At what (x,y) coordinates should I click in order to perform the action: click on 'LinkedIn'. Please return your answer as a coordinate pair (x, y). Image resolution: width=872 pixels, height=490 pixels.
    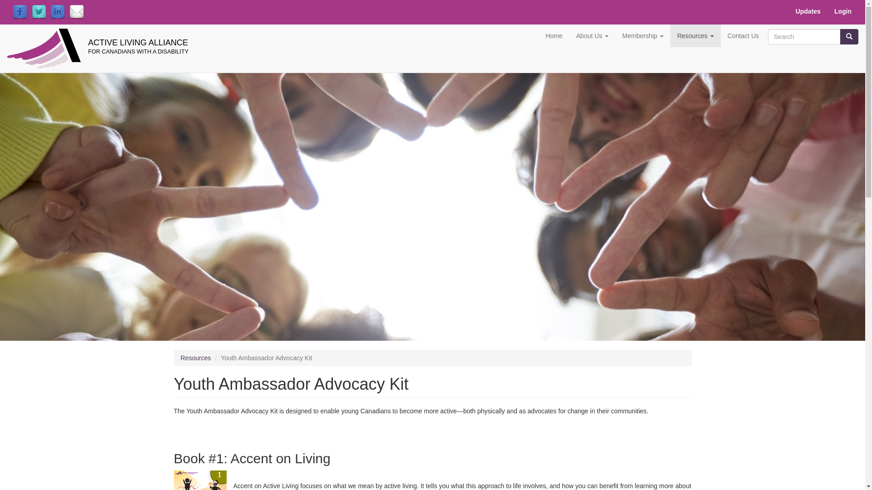
    Looking at the image, I should click on (50, 12).